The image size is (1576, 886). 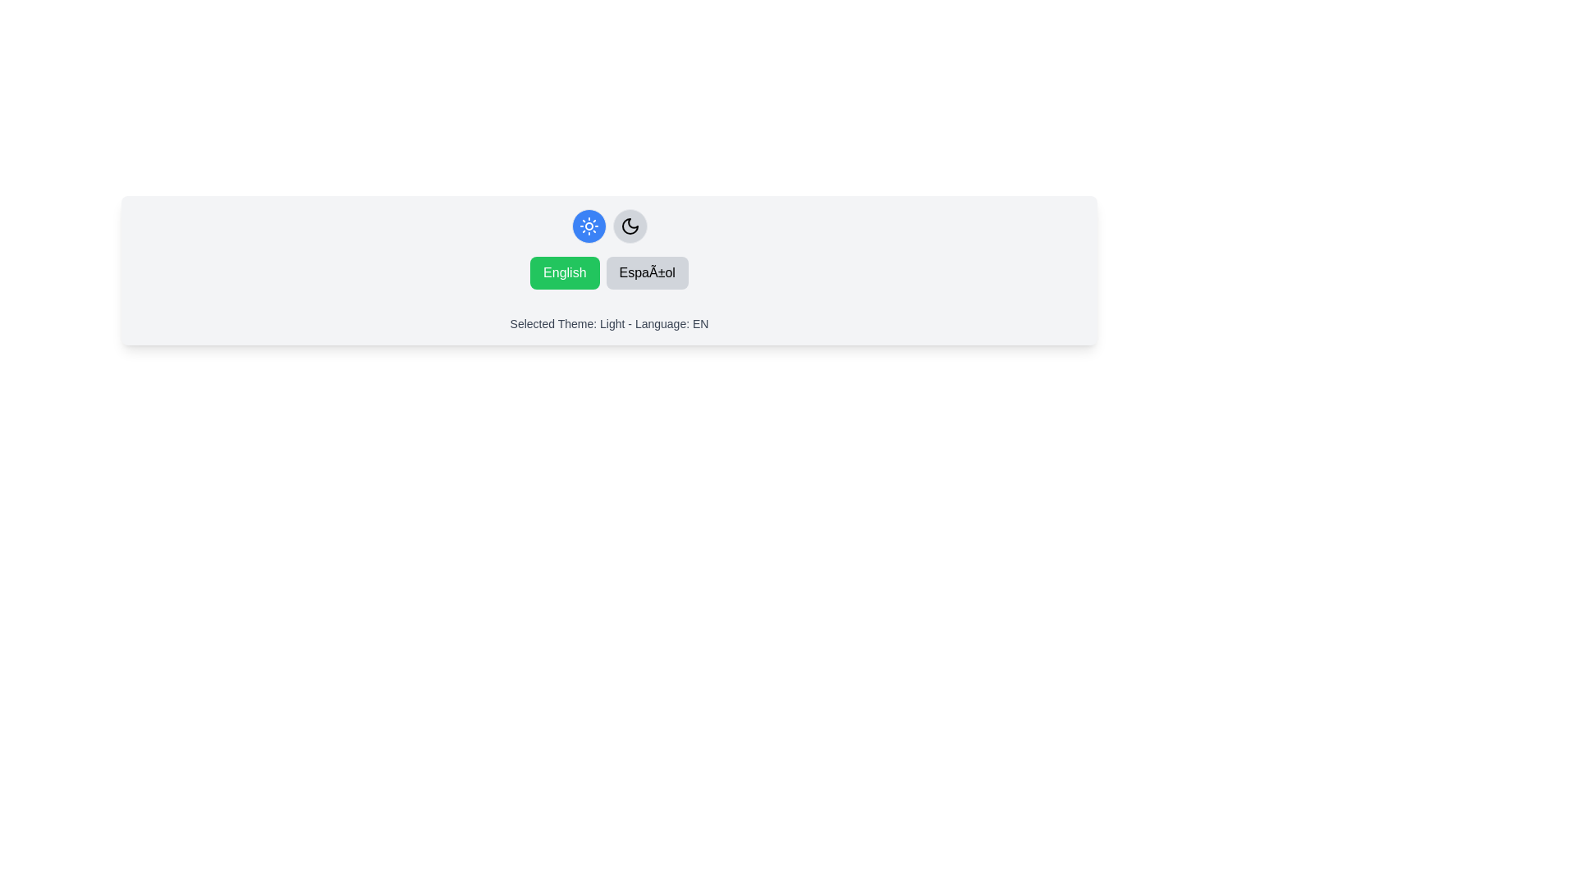 I want to click on the crescent-shaped moon icon located to the right of the sun-like icon at the top-center of the interface, so click(x=629, y=226).